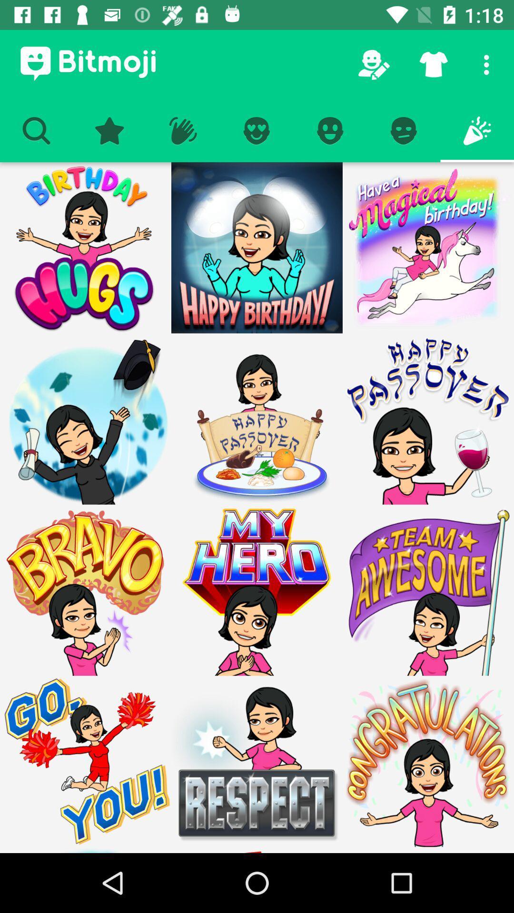 The height and width of the screenshot is (913, 514). Describe the element at coordinates (257, 761) in the screenshot. I see `respect` at that location.